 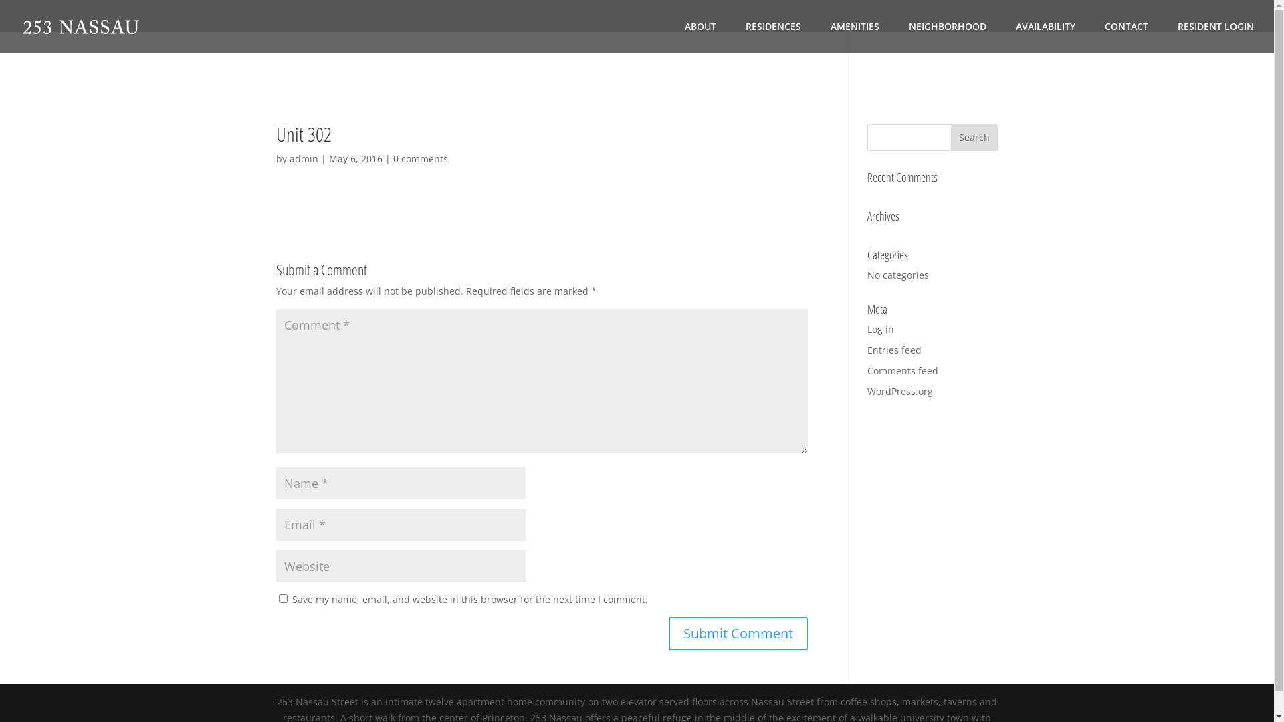 What do you see at coordinates (1126, 37) in the screenshot?
I see `'CONTACT'` at bounding box center [1126, 37].